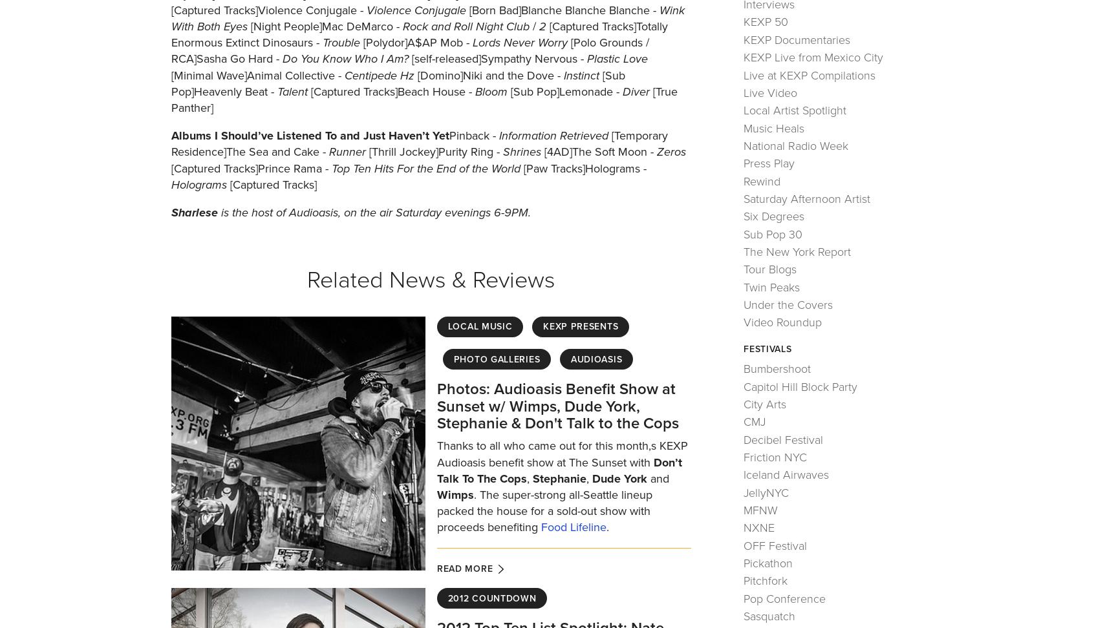 The width and height of the screenshot is (1094, 628). Describe the element at coordinates (430, 279) in the screenshot. I see `'Related News & Reviews'` at that location.